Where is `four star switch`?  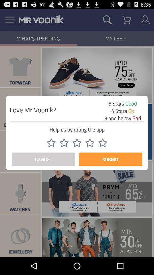
four star switch is located at coordinates (90, 142).